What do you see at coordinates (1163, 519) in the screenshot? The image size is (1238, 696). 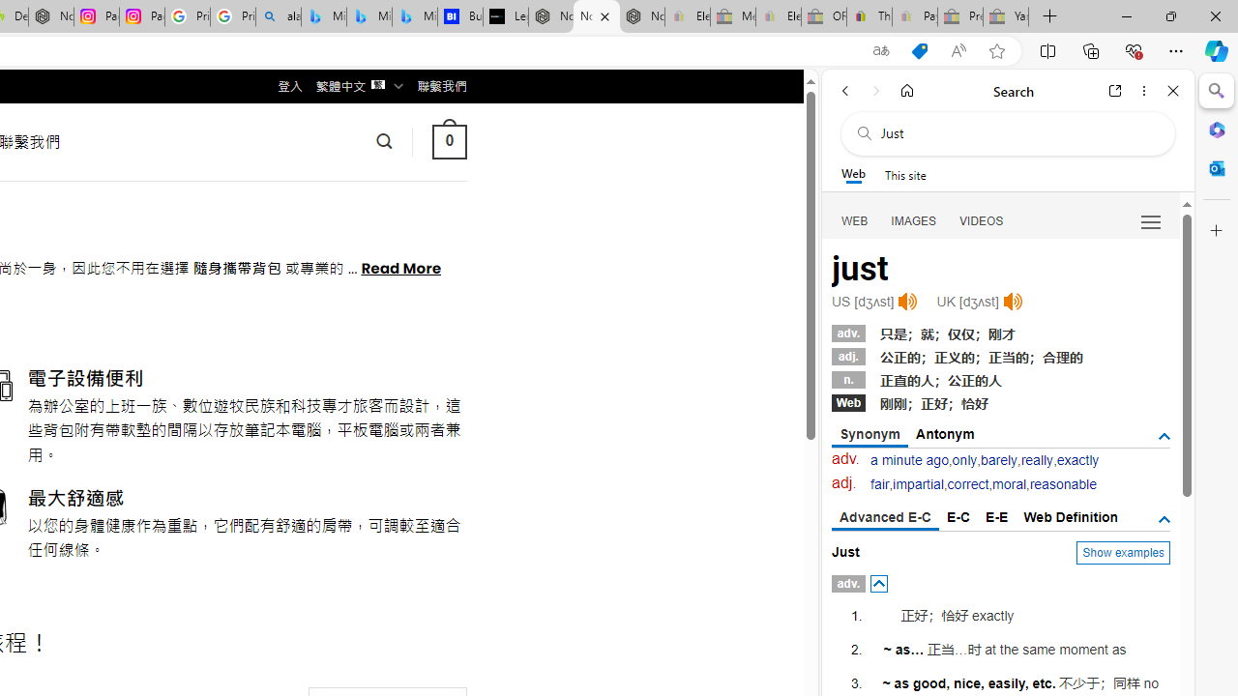 I see `'AutomationID: tgdef'` at bounding box center [1163, 519].